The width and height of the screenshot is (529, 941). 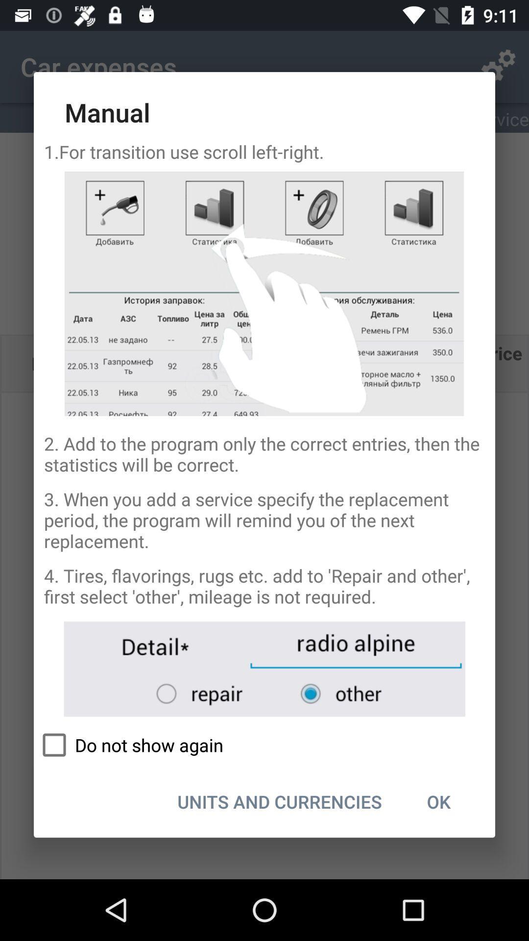 What do you see at coordinates (438, 801) in the screenshot?
I see `the item below the do not show item` at bounding box center [438, 801].